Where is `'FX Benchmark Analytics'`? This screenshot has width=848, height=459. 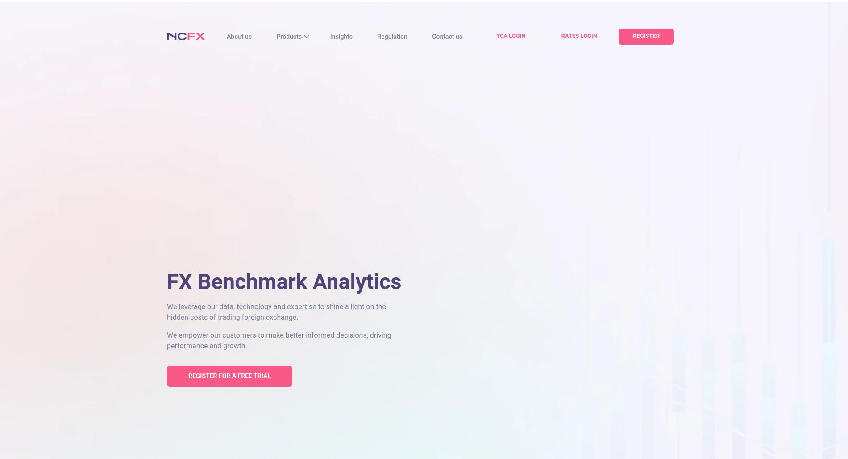 'FX Benchmark Analytics' is located at coordinates (284, 281).